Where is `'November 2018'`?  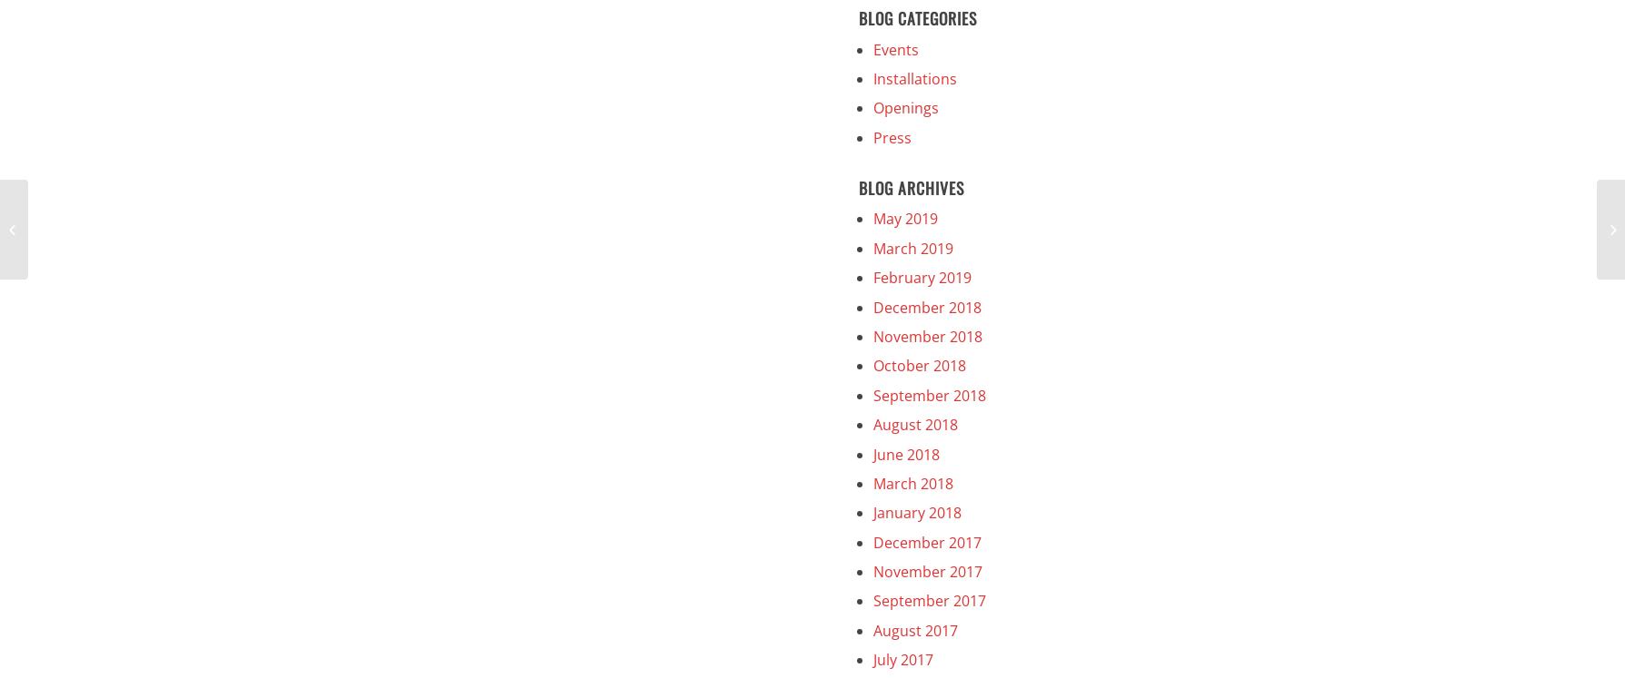 'November 2018' is located at coordinates (927, 335).